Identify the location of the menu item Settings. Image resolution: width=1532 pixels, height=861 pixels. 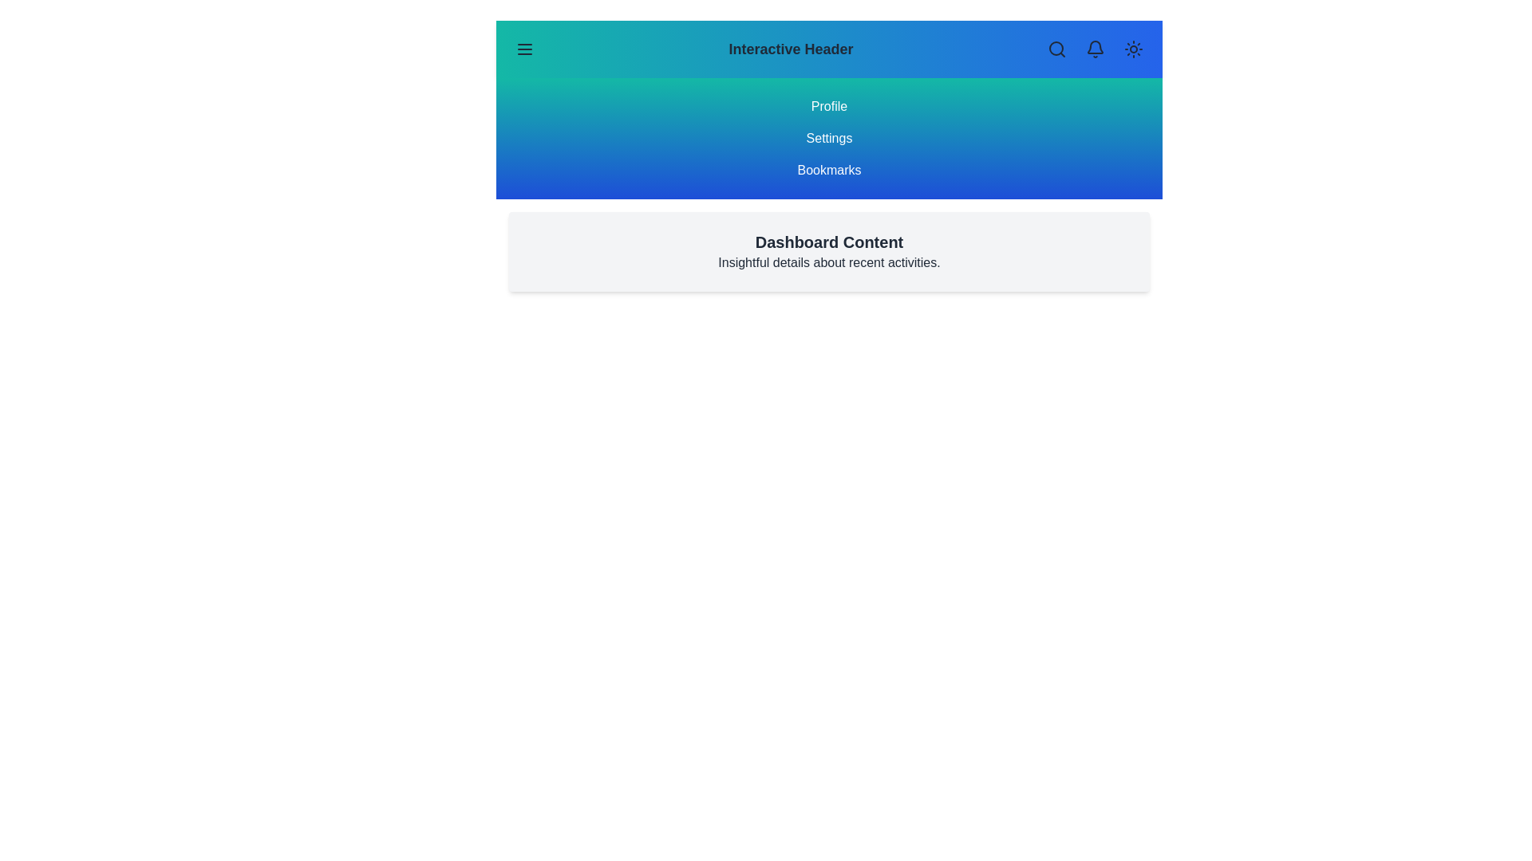
(829, 137).